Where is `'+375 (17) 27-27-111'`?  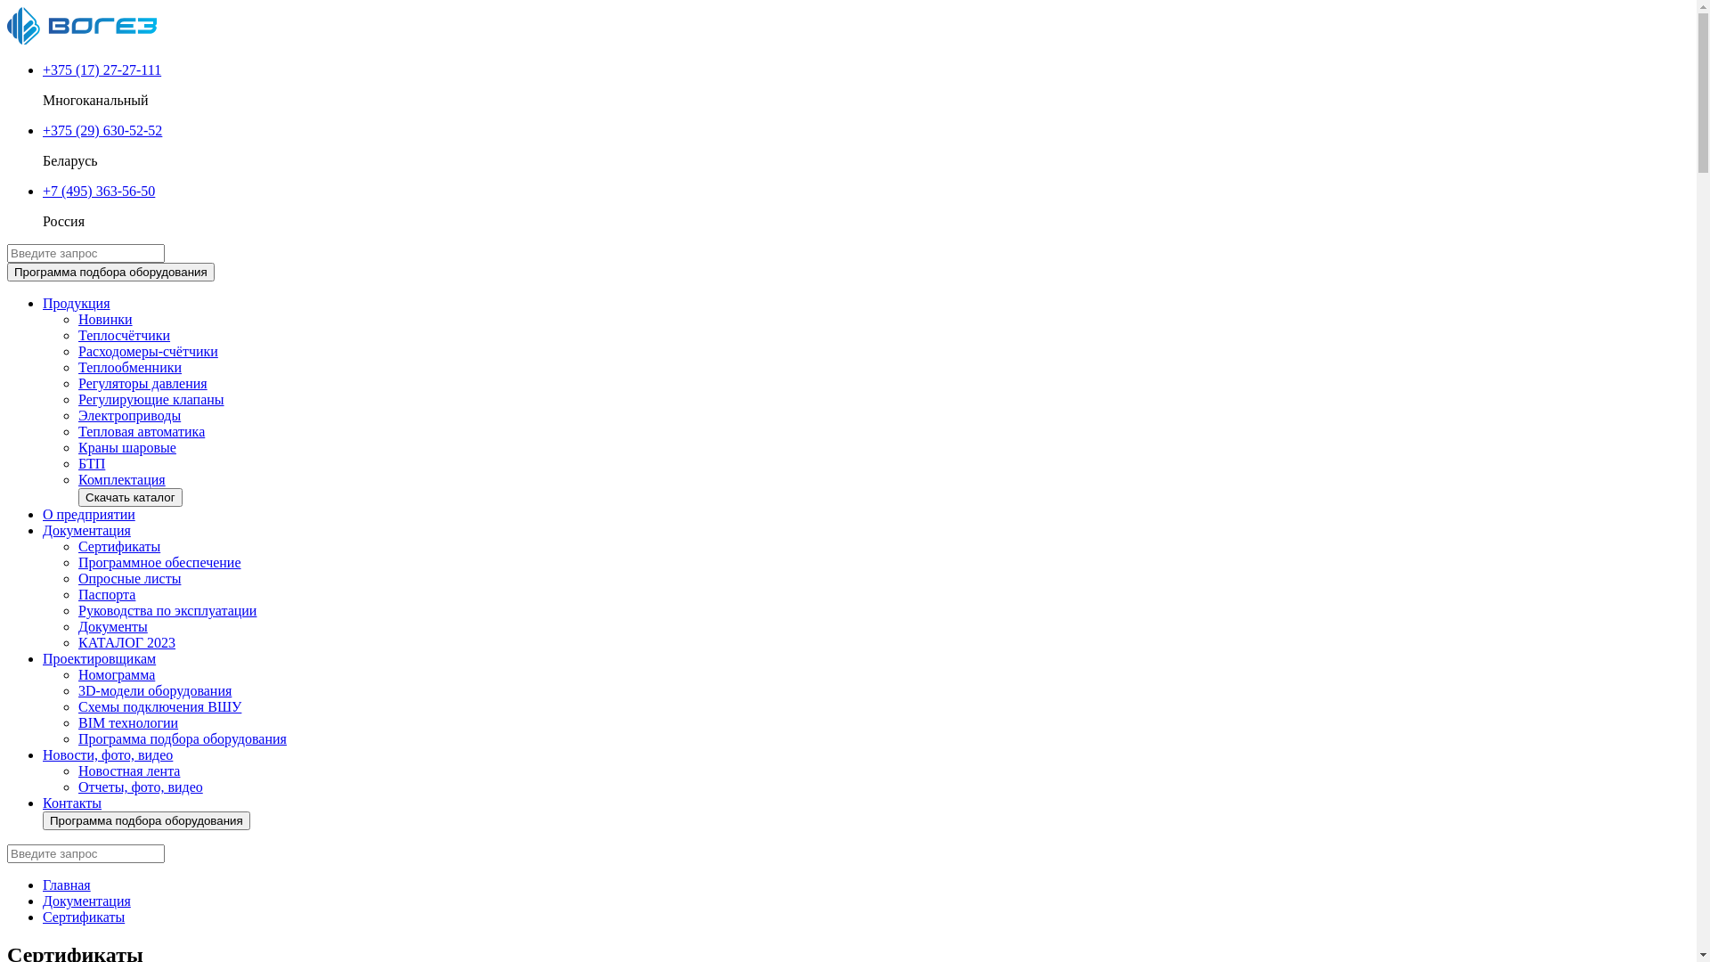 '+375 (17) 27-27-111' is located at coordinates (101, 69).